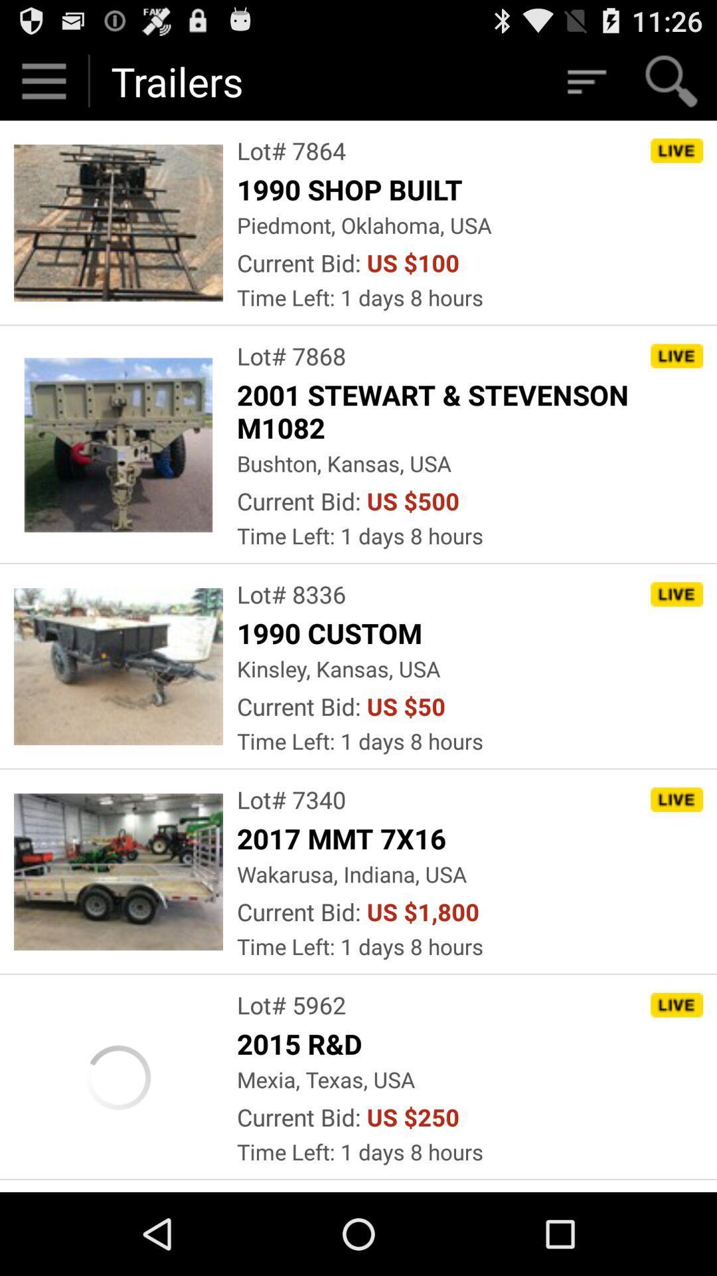 The width and height of the screenshot is (717, 1276). What do you see at coordinates (364, 225) in the screenshot?
I see `piedmont, oklahoma, usa app` at bounding box center [364, 225].